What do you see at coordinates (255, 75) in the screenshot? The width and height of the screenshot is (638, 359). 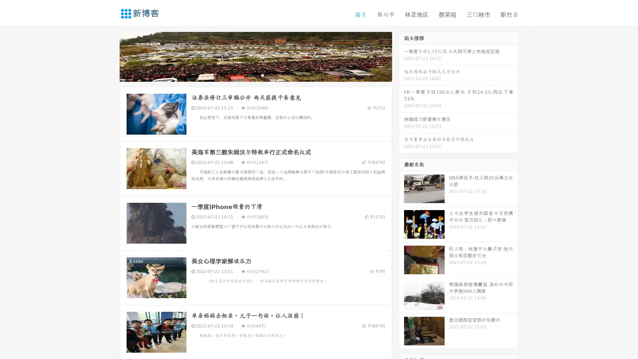 I see `Go to slide 2` at bounding box center [255, 75].